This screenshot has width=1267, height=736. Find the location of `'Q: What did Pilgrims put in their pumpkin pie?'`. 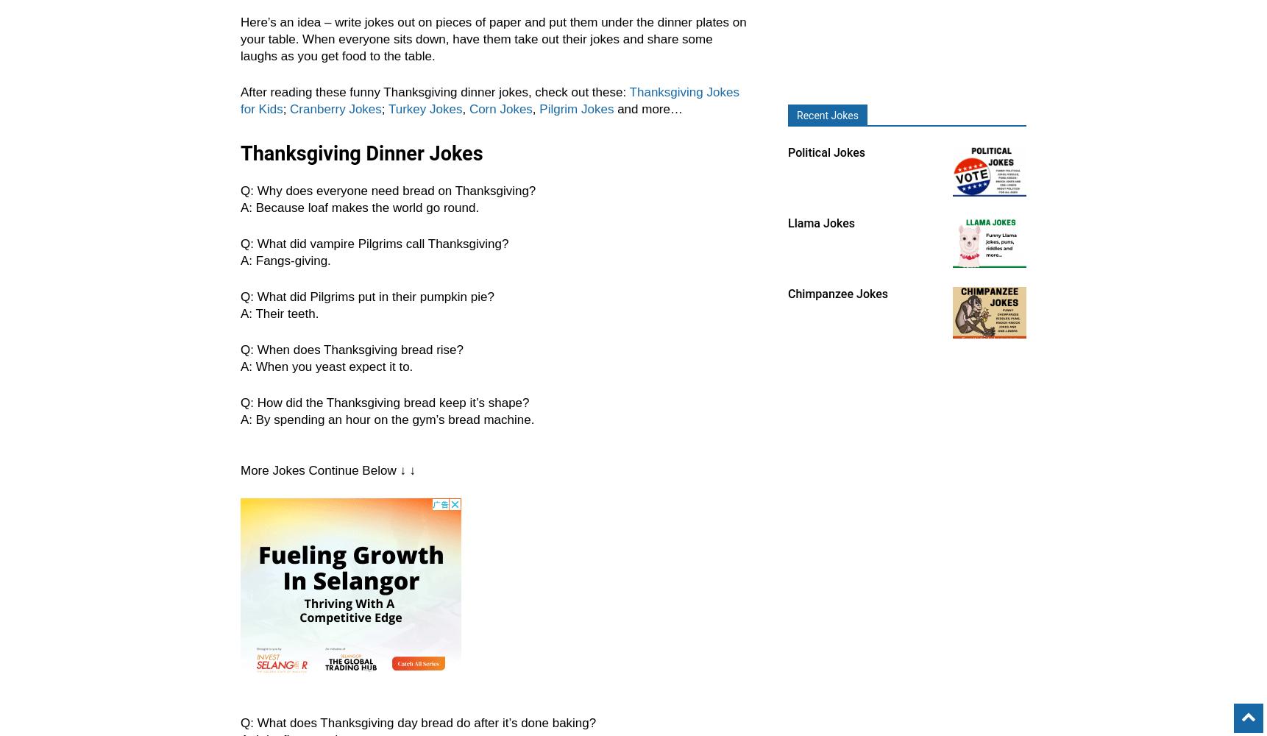

'Q: What did Pilgrims put in their pumpkin pie?' is located at coordinates (240, 297).